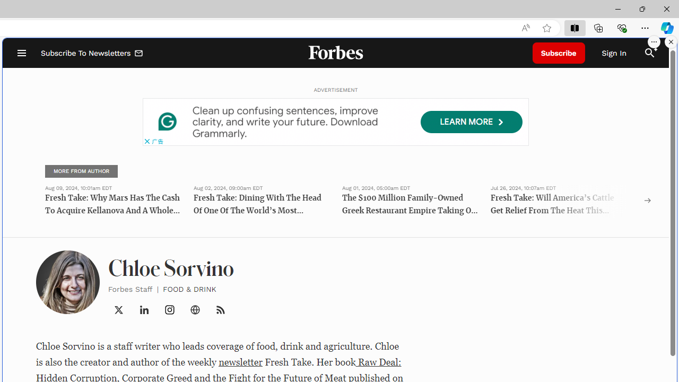  What do you see at coordinates (654, 41) in the screenshot?
I see `'More options.'` at bounding box center [654, 41].